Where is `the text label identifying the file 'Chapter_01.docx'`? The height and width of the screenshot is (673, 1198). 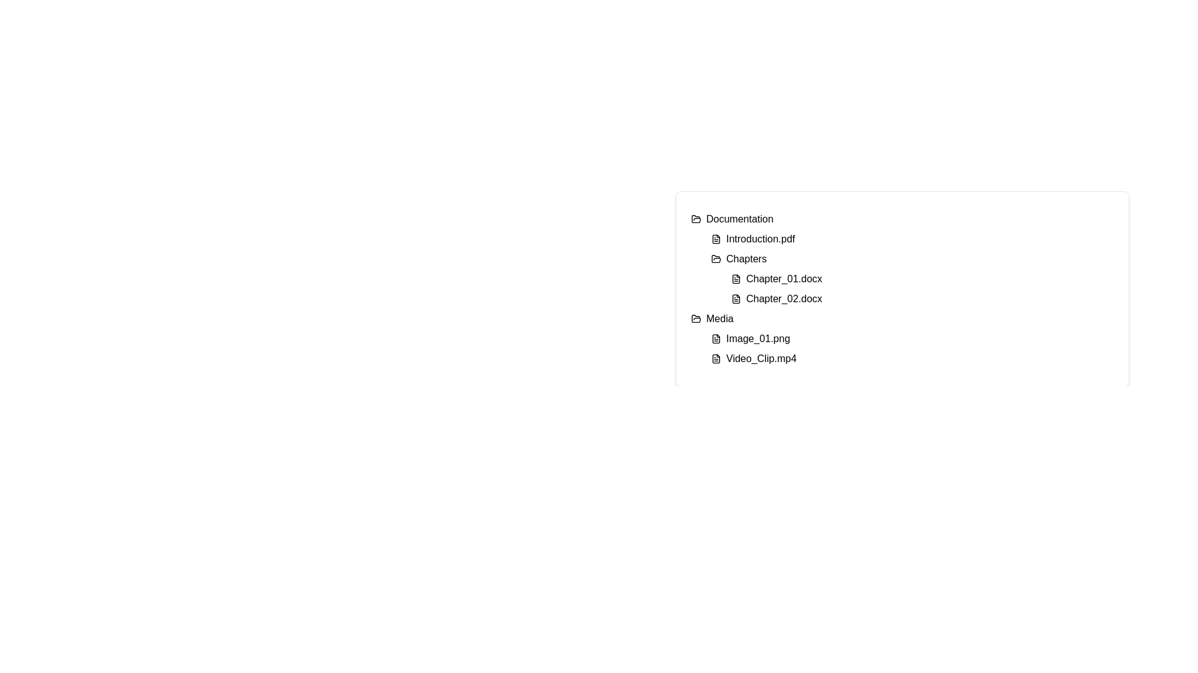
the text label identifying the file 'Chapter_01.docx' is located at coordinates (784, 278).